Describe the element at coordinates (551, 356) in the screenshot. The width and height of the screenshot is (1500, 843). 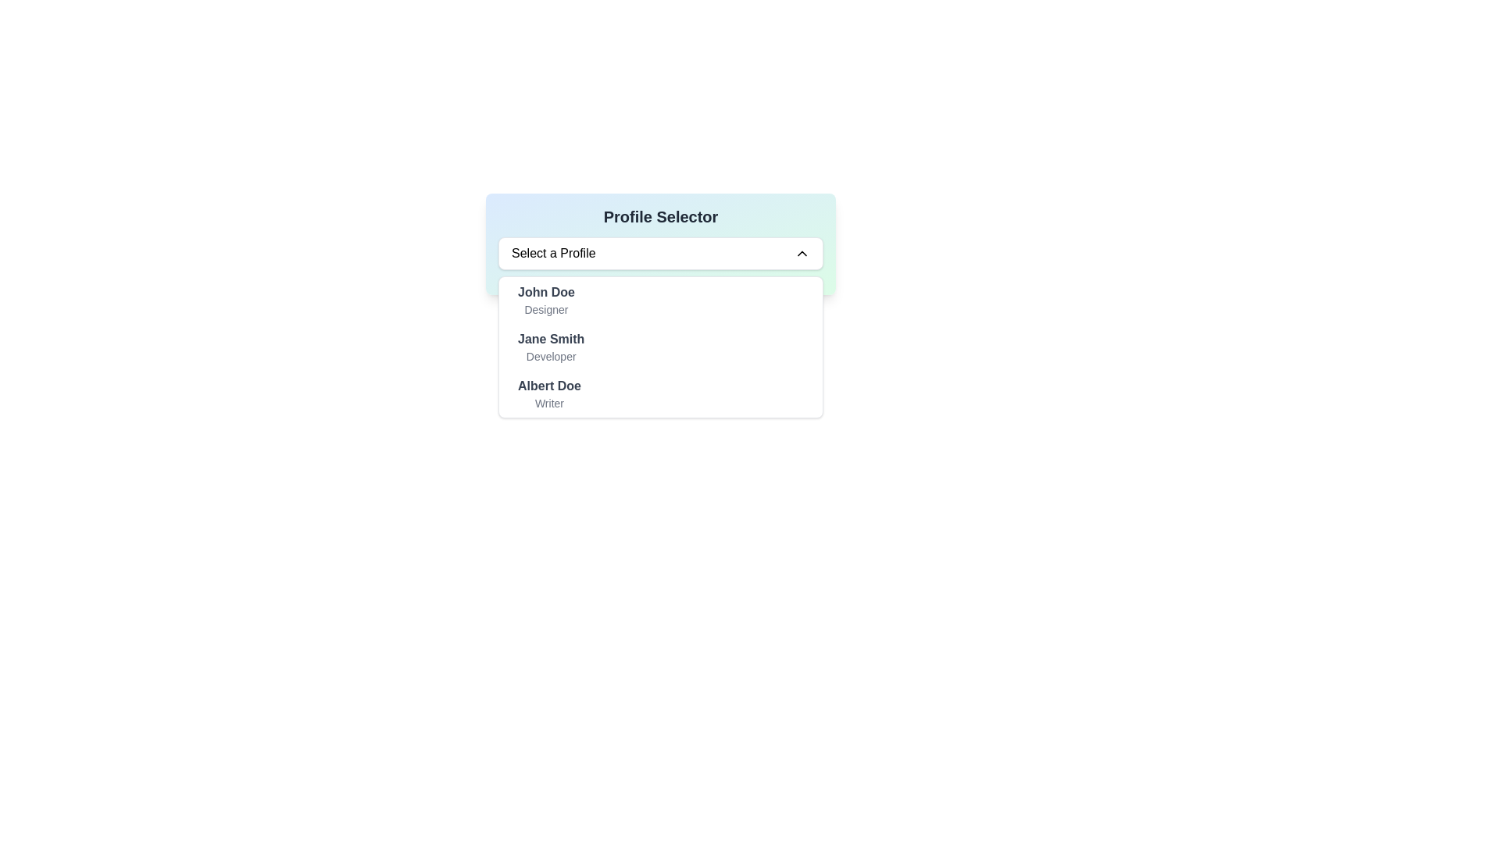
I see `the static text label indicating the role or title of the person listed under 'Jane Smith' in the dropdown menu` at that location.